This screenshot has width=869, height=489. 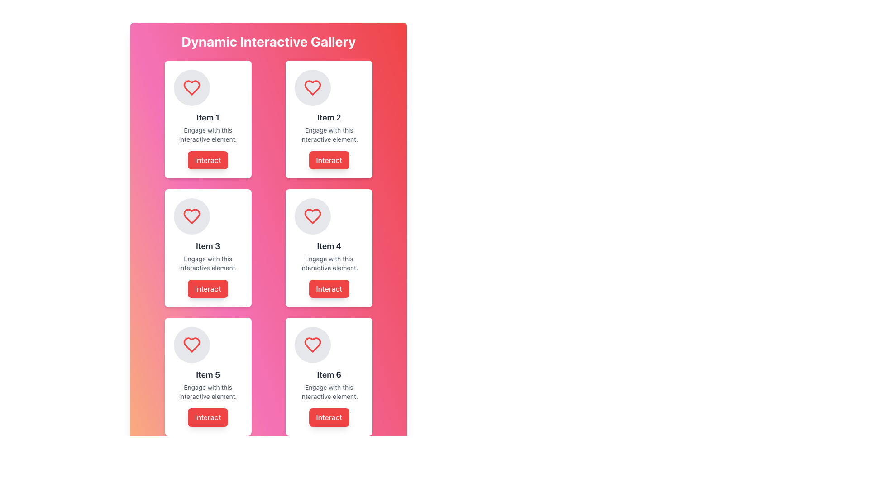 What do you see at coordinates (313, 87) in the screenshot?
I see `the decorative Icon Placeholder located at the top center of the card labeled 'Item 2', which indicates a theme of favoriting or liking` at bounding box center [313, 87].